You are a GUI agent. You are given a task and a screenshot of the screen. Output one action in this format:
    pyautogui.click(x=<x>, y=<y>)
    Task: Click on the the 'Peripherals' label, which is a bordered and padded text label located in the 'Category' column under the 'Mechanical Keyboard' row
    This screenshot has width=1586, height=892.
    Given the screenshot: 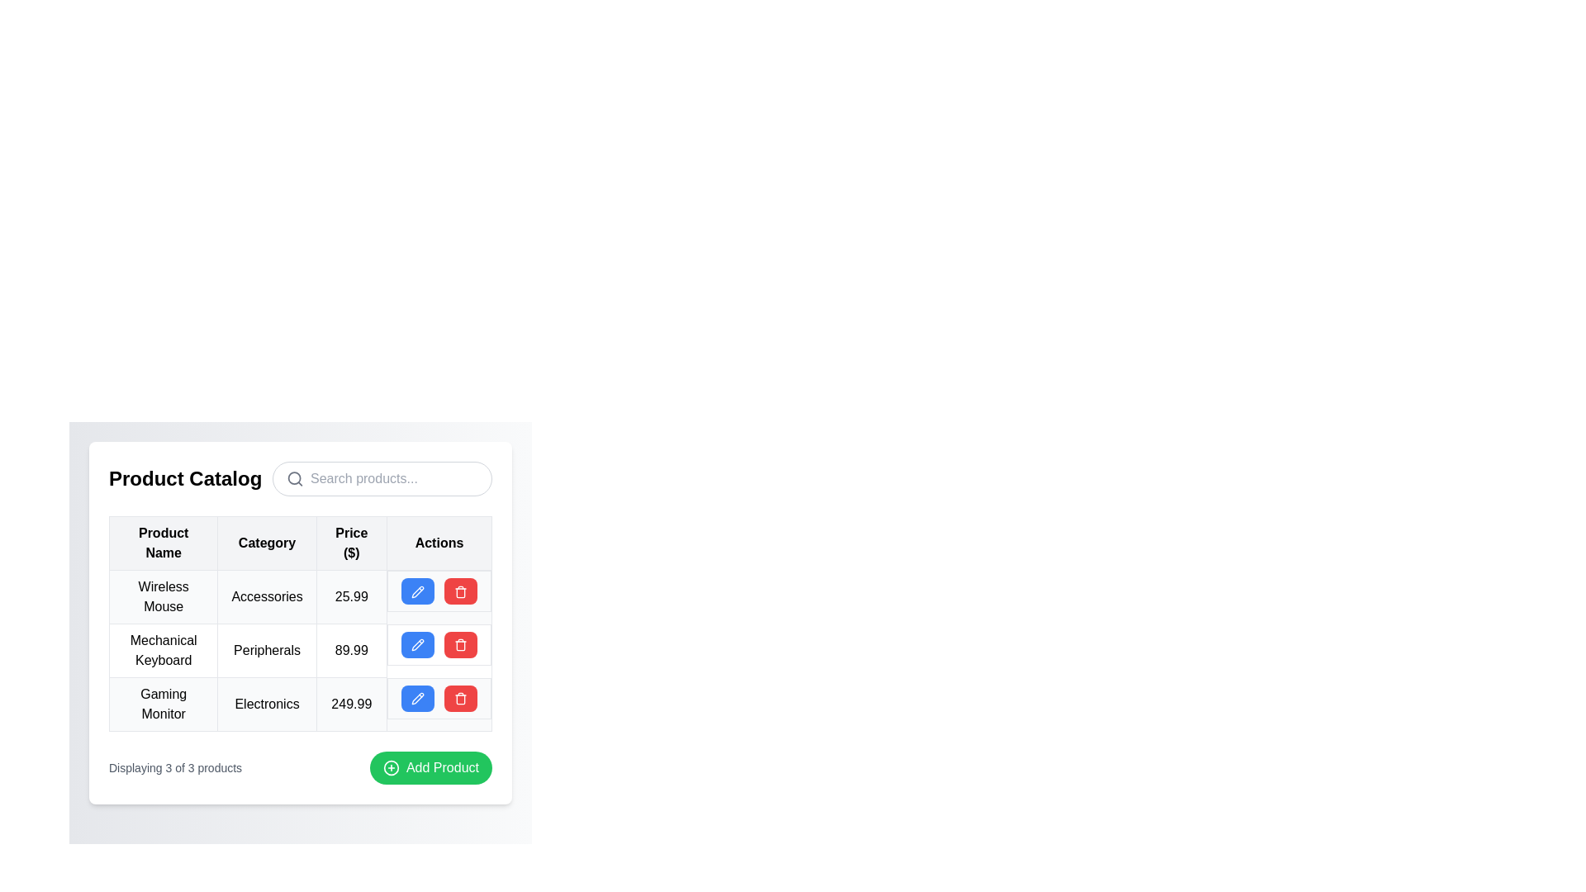 What is the action you would take?
    pyautogui.click(x=267, y=649)
    